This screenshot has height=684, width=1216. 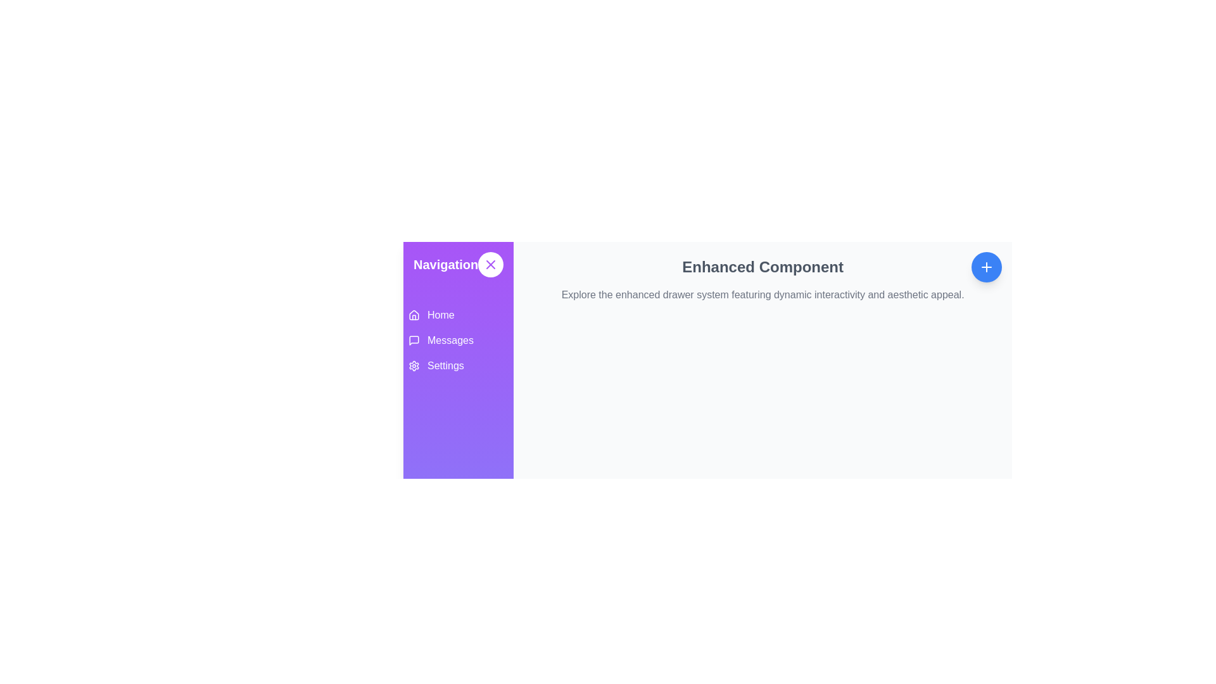 I want to click on text label for the 'Messages' section located in the second menu item of the purple navigation menu, so click(x=450, y=339).